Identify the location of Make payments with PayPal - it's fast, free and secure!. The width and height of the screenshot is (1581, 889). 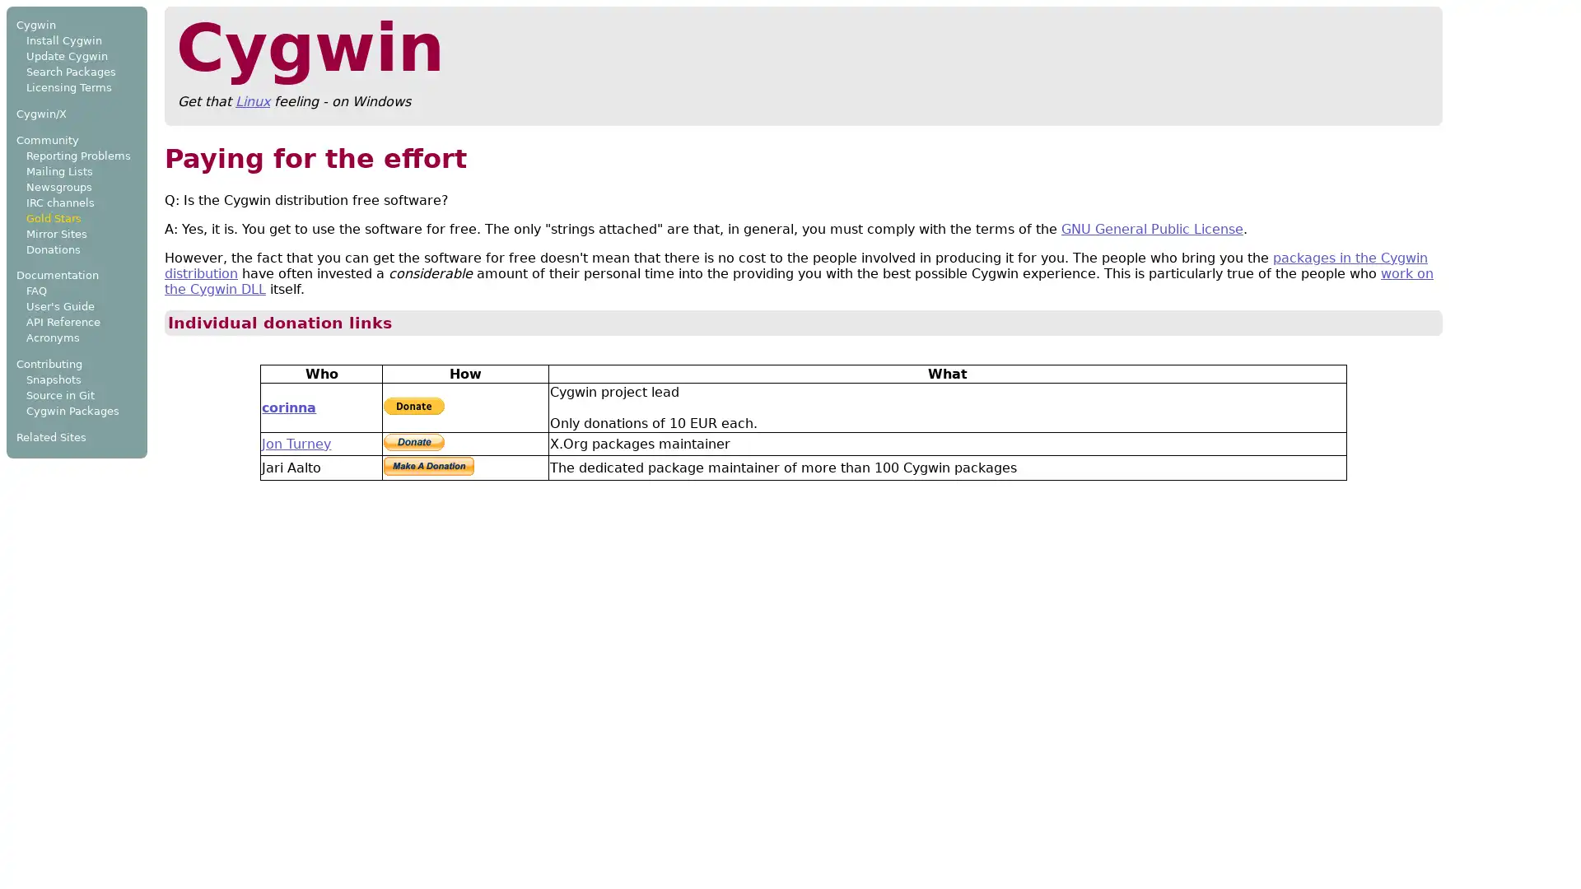
(429, 465).